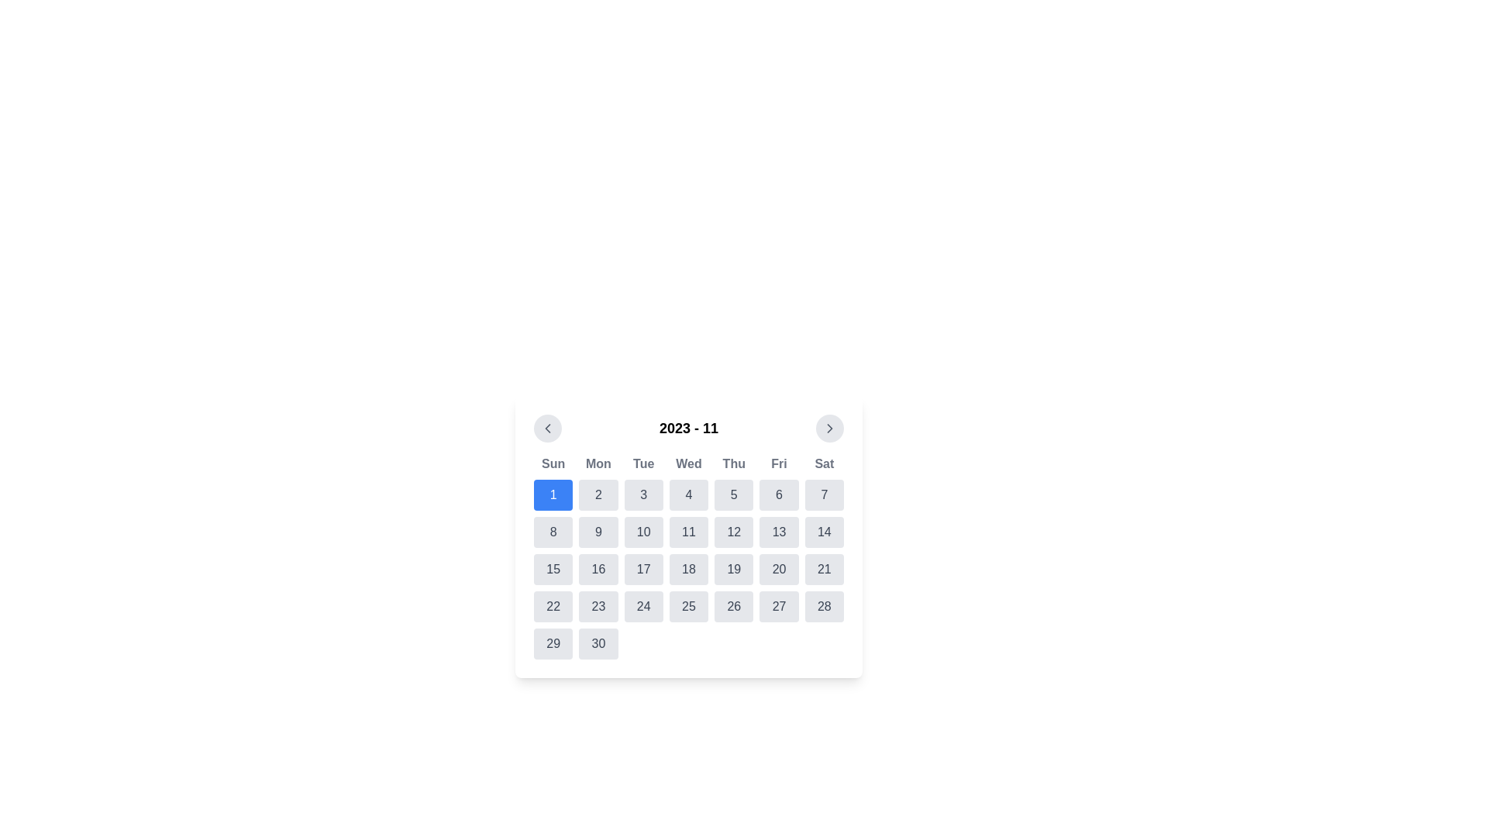 The height and width of the screenshot is (837, 1488). What do you see at coordinates (598, 606) in the screenshot?
I see `the interactive date selector button` at bounding box center [598, 606].